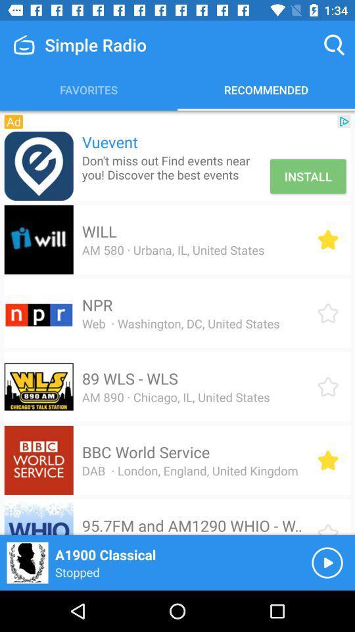  Describe the element at coordinates (97, 305) in the screenshot. I see `the item below am 580 urbana icon` at that location.